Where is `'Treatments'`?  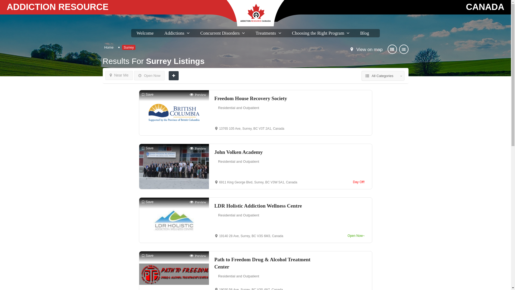 'Treatments' is located at coordinates (266, 33).